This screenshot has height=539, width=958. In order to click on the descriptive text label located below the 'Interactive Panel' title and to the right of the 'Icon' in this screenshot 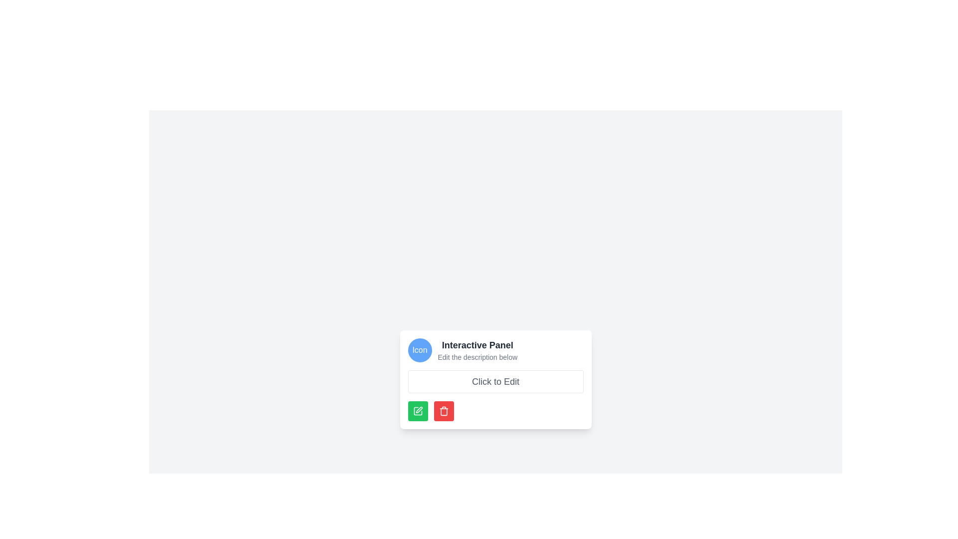, I will do `click(477, 357)`.